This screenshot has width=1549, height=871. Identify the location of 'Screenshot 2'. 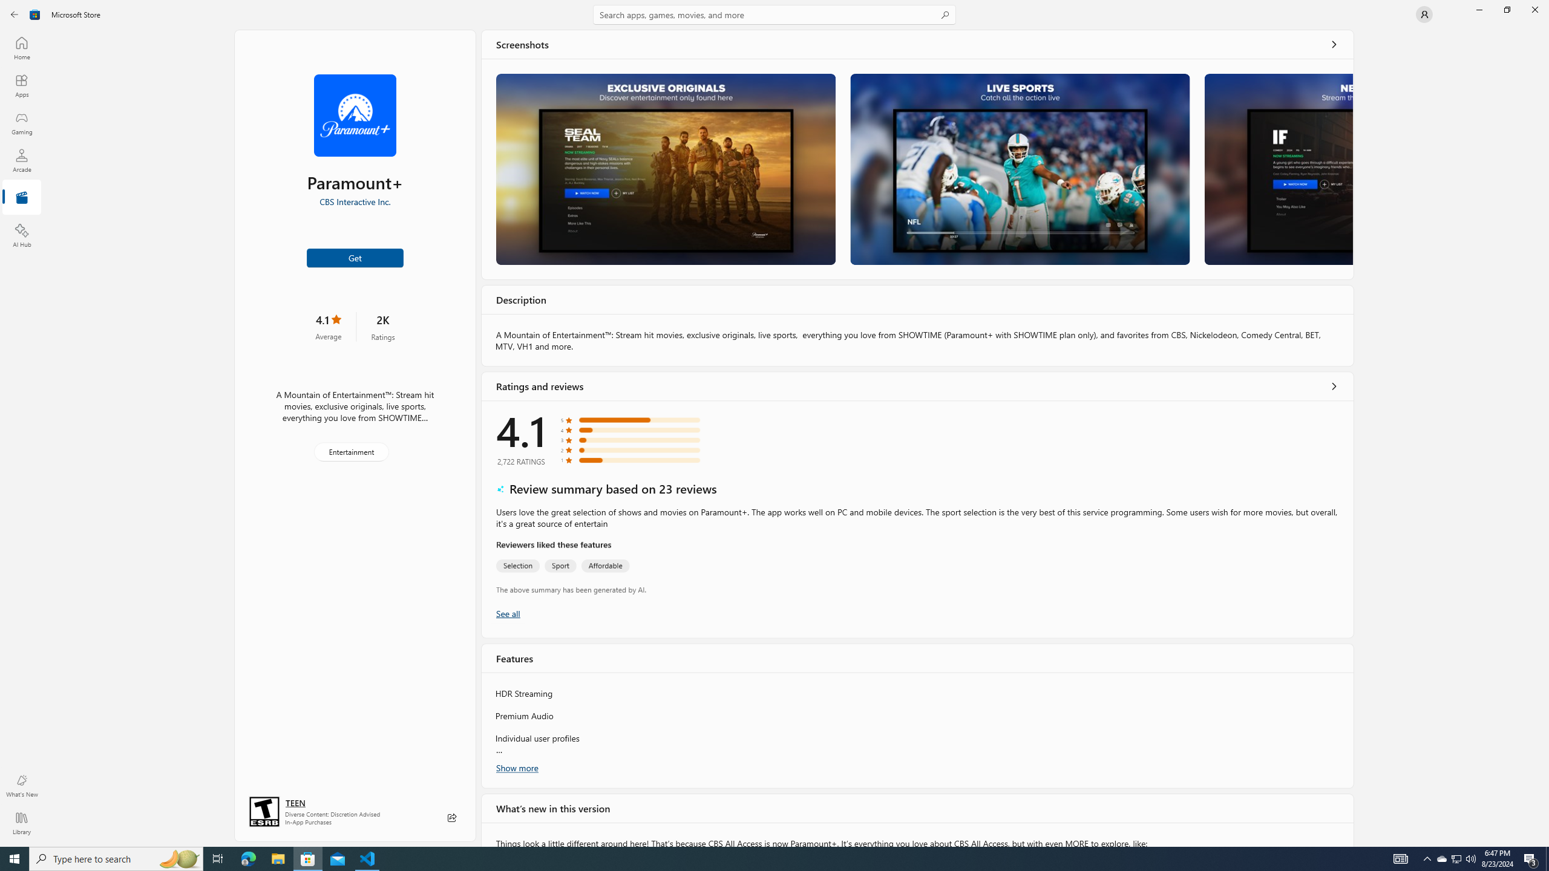
(1019, 169).